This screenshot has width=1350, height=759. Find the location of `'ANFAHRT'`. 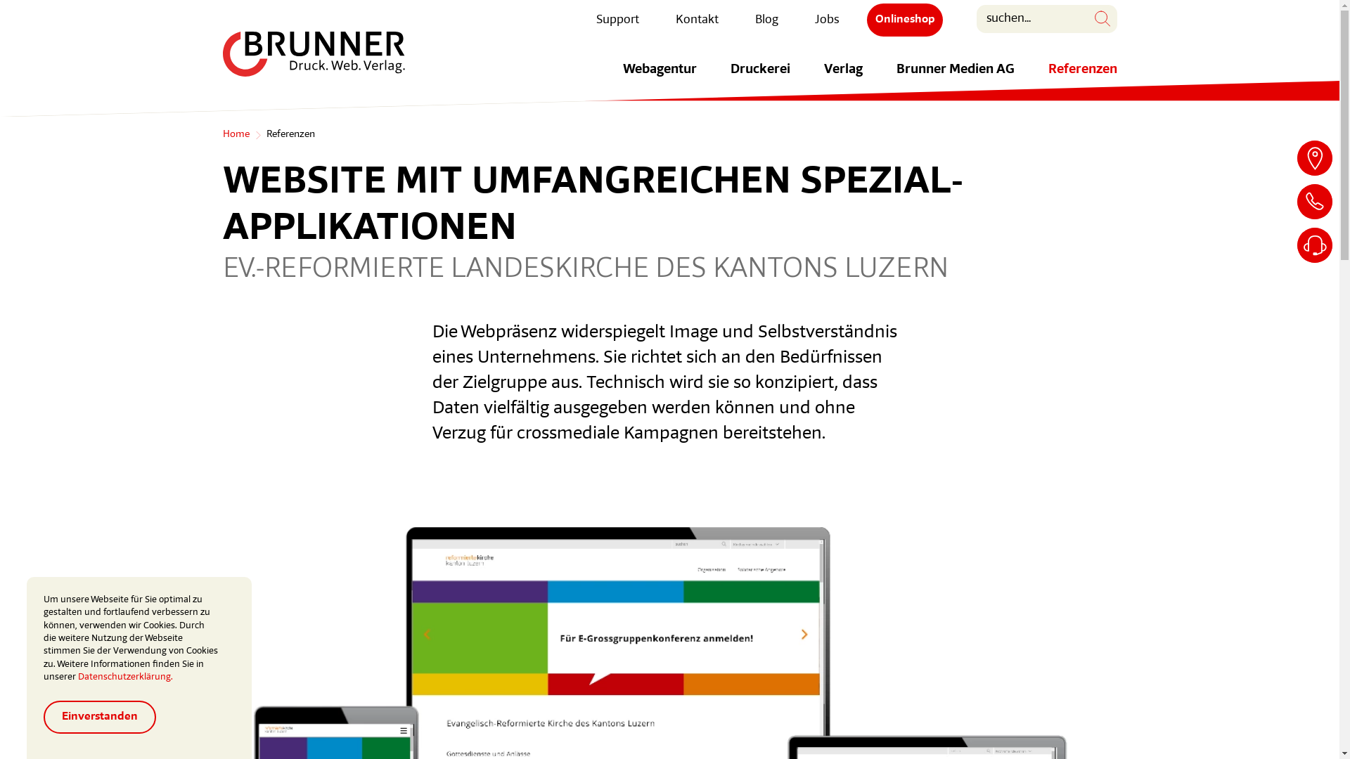

'ANFAHRT' is located at coordinates (1314, 157).